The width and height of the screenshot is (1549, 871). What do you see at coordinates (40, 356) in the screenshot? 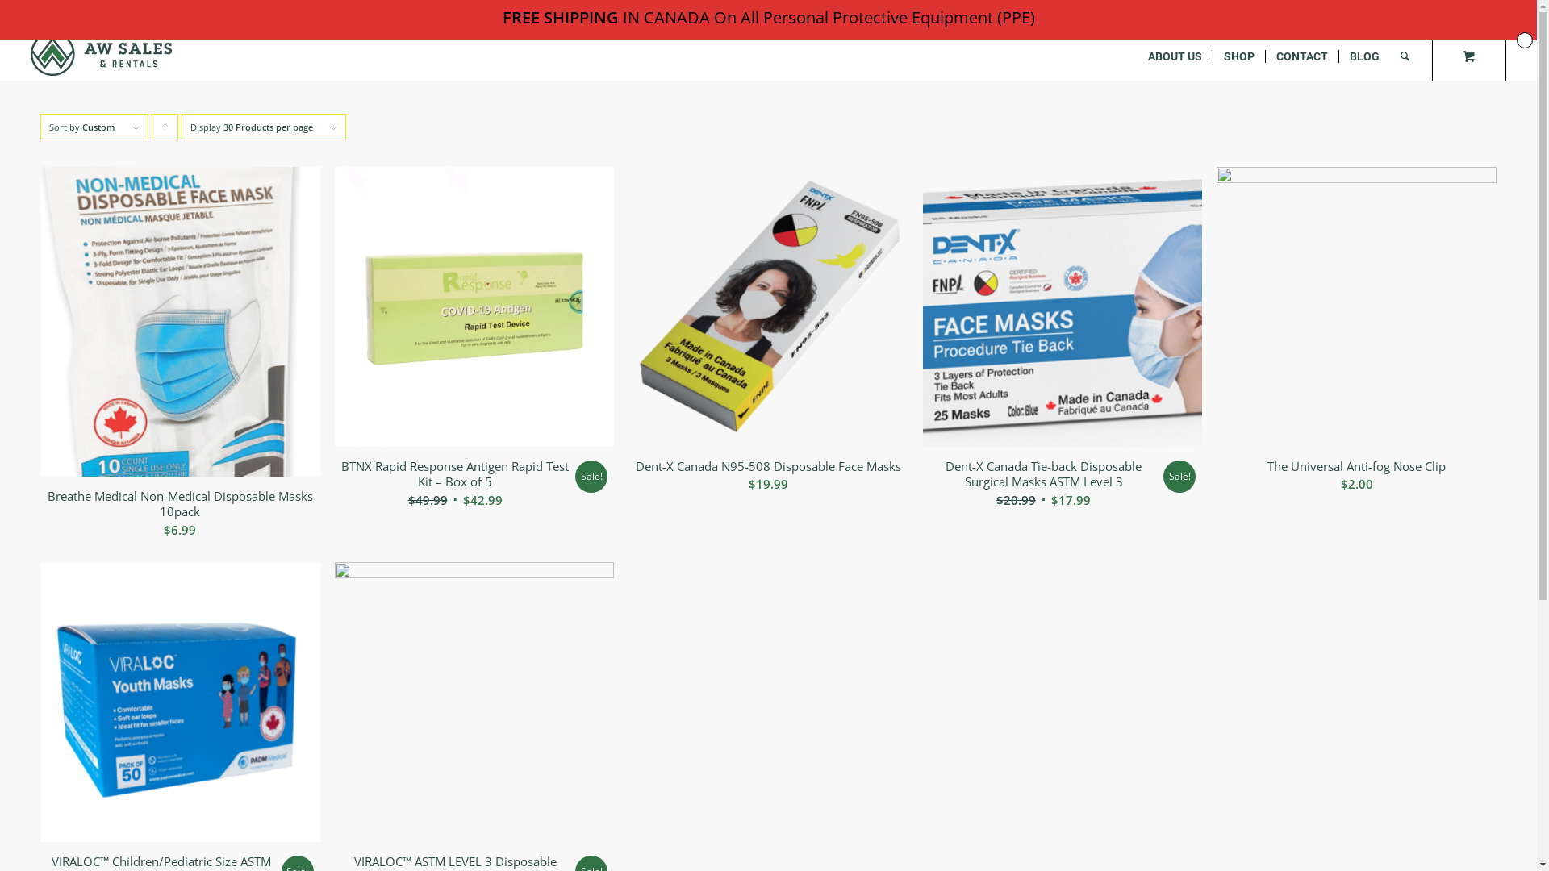
I see `'Breathe Medical Non-Medical Disposable Masks 10pack` at bounding box center [40, 356].